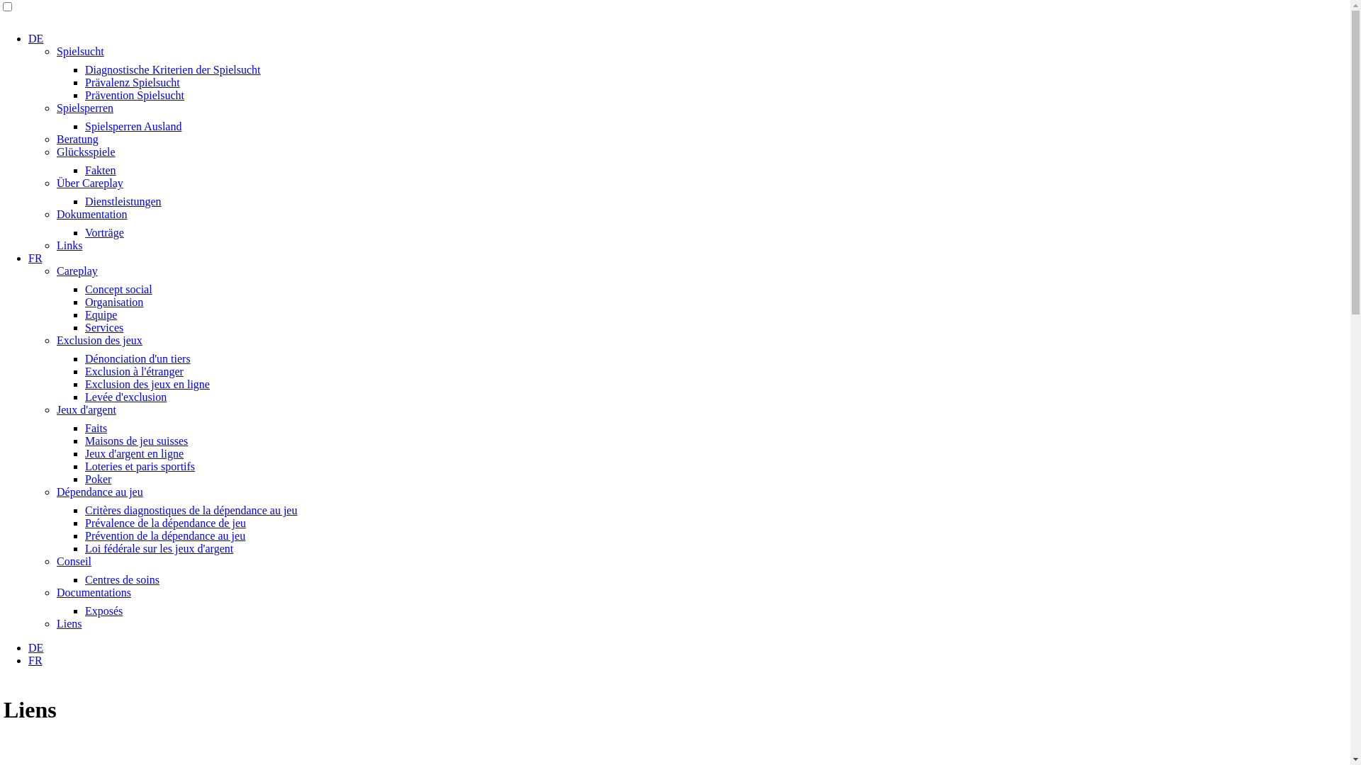  I want to click on 'Fakten', so click(100, 169).